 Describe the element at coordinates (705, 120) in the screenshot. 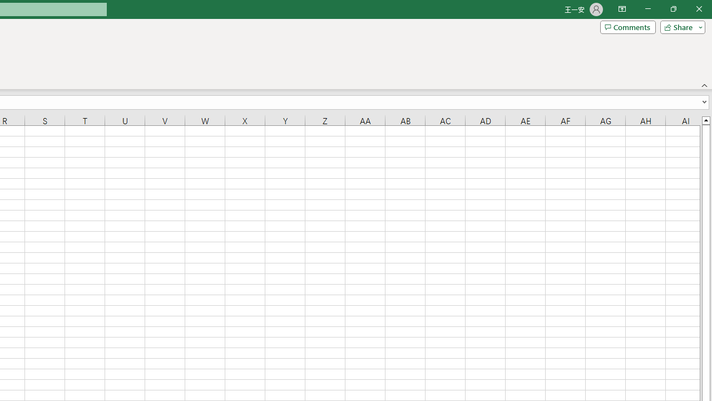

I see `'Line up'` at that location.